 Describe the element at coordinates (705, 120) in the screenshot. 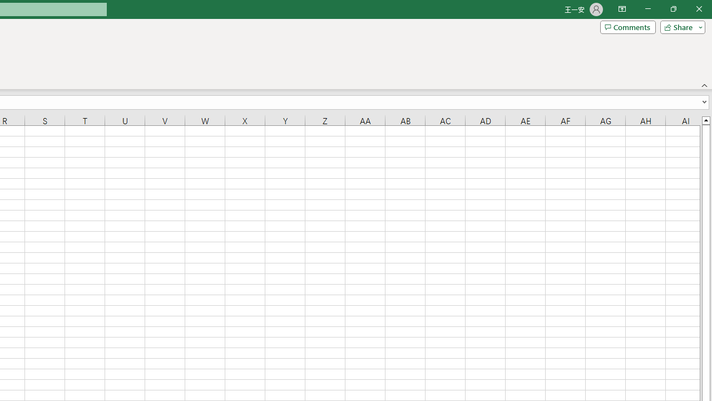

I see `'Line up'` at that location.